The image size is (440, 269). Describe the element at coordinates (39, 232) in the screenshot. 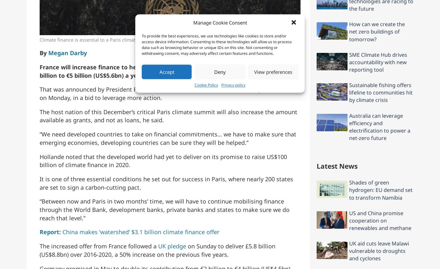

I see `'Report:'` at that location.